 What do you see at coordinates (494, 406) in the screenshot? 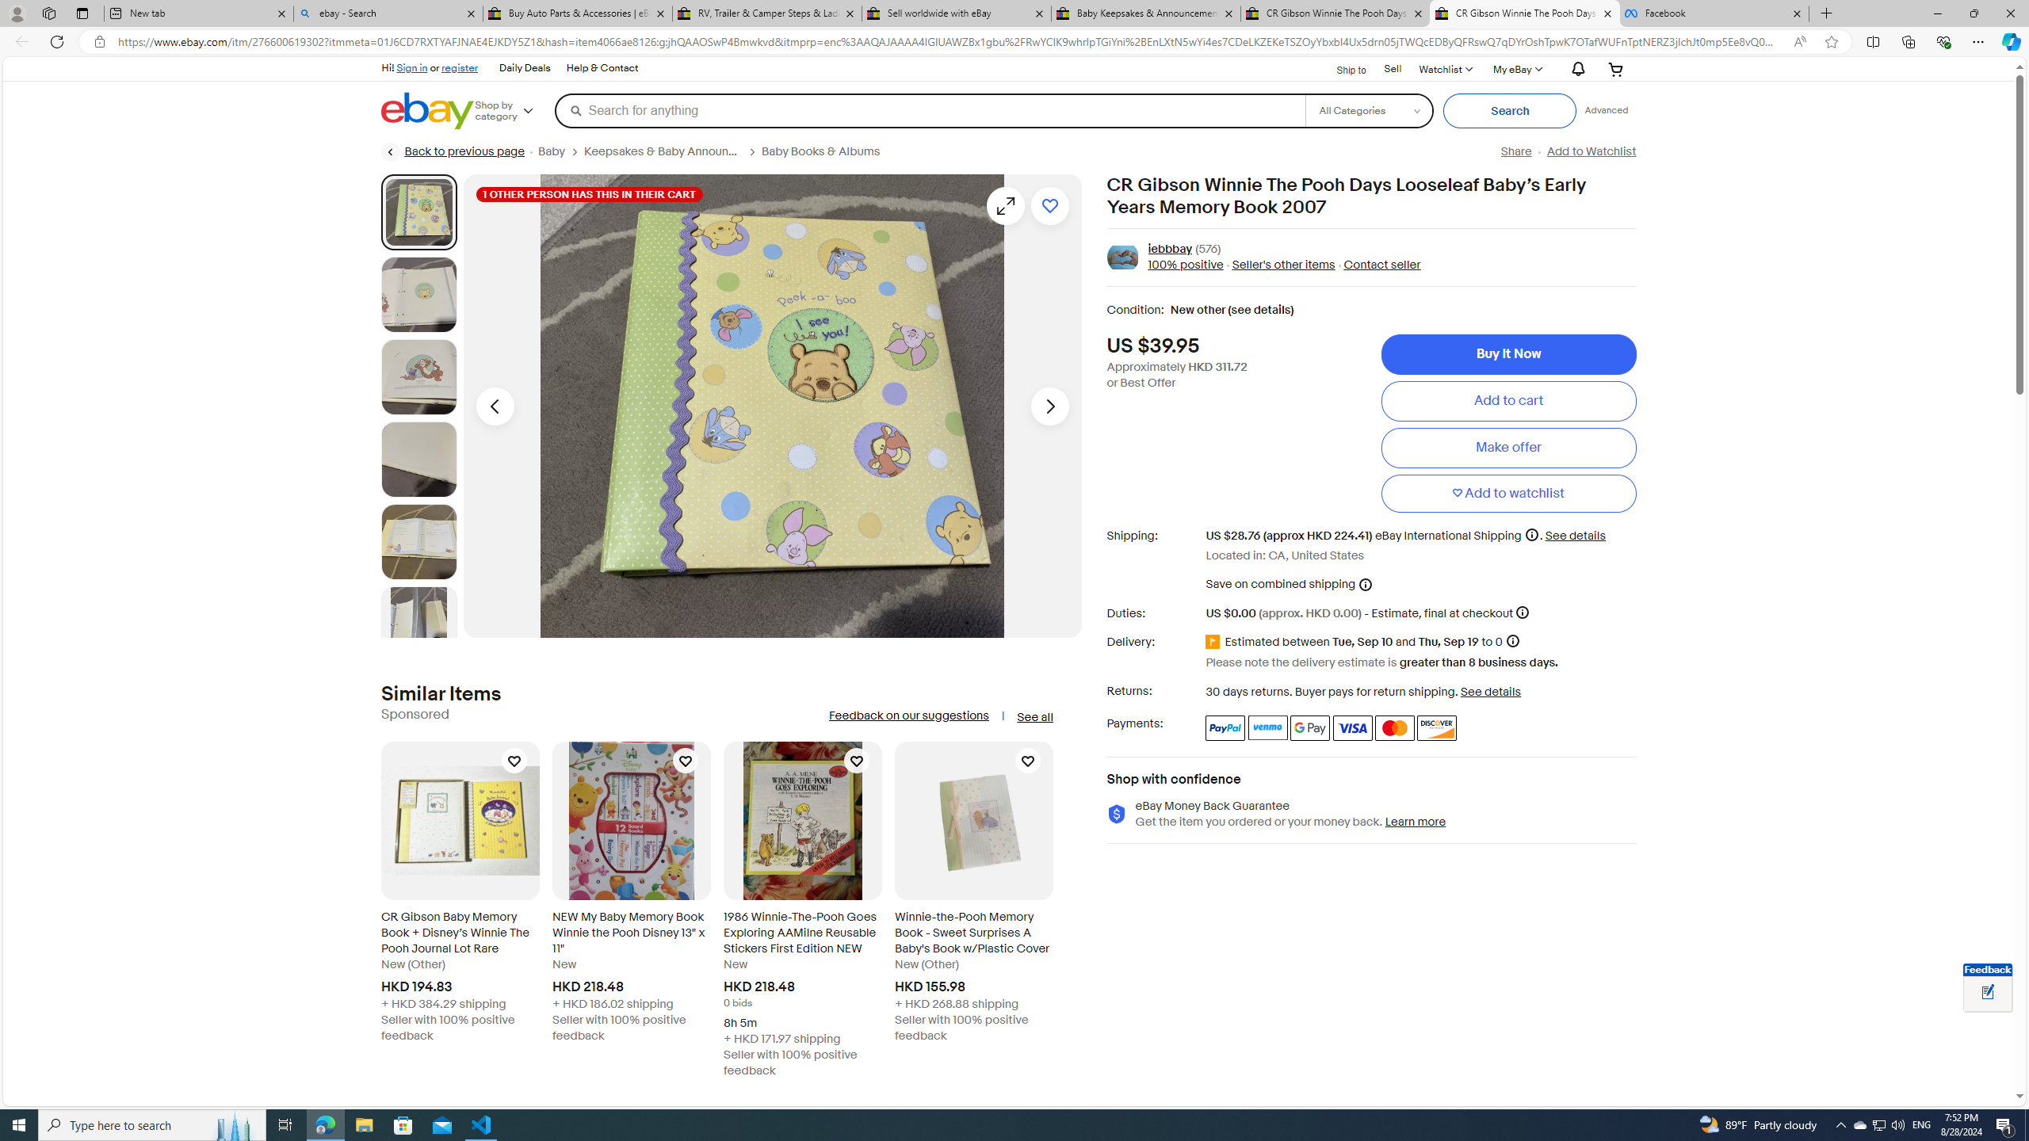
I see `'Previous image - Item images thumbnails'` at bounding box center [494, 406].